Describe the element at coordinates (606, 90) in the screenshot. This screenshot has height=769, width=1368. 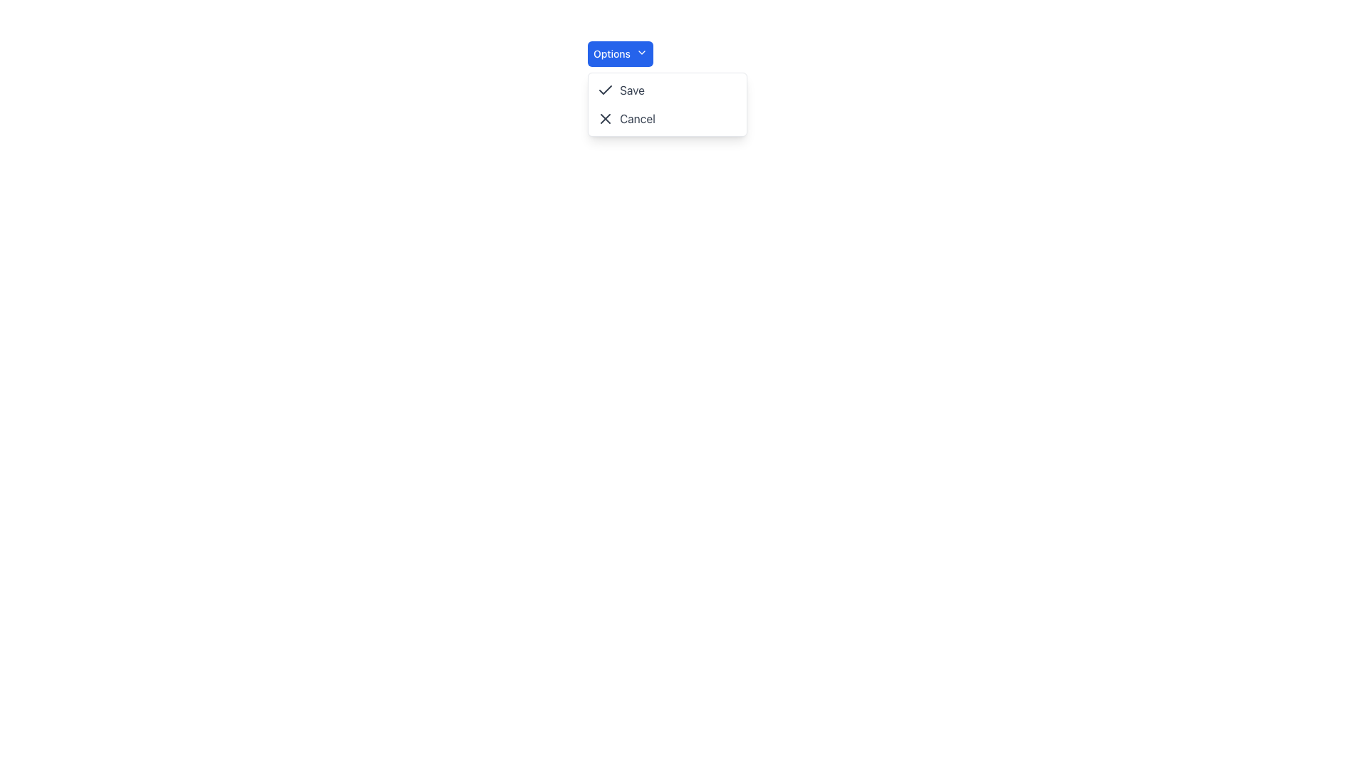
I see `check mark icon located to the left of the 'Save' text within the 'Save' button at the top of the dropdown menu` at that location.